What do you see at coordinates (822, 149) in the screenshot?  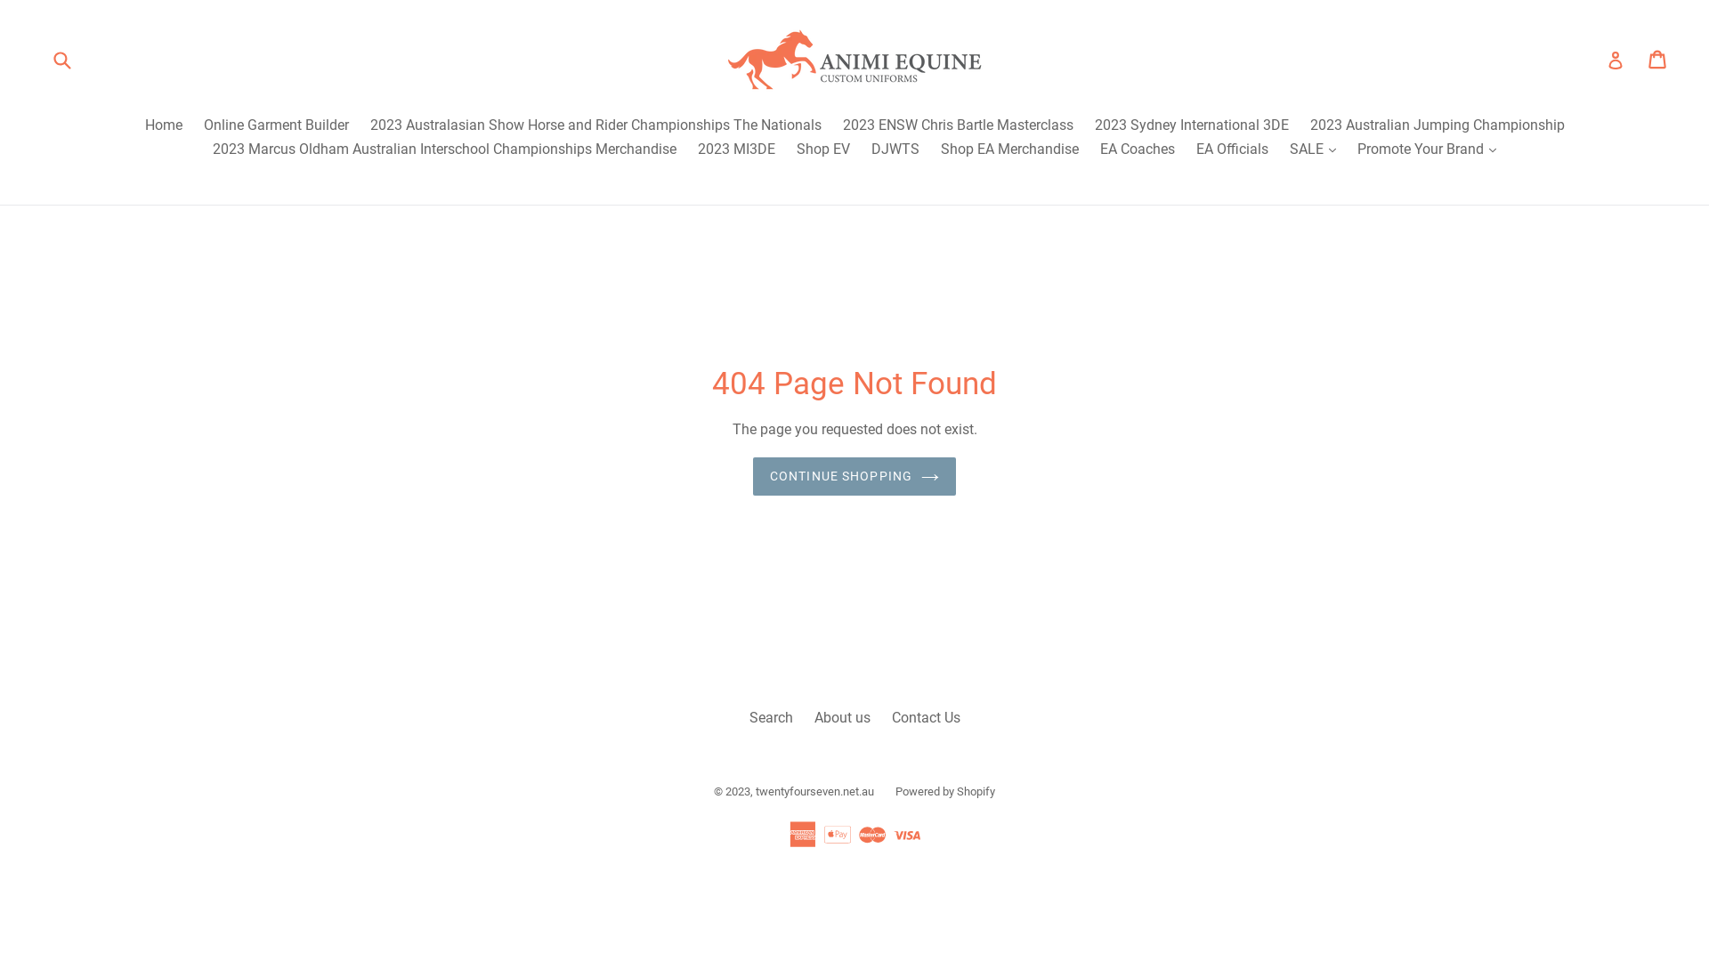 I see `'Shop EV'` at bounding box center [822, 149].